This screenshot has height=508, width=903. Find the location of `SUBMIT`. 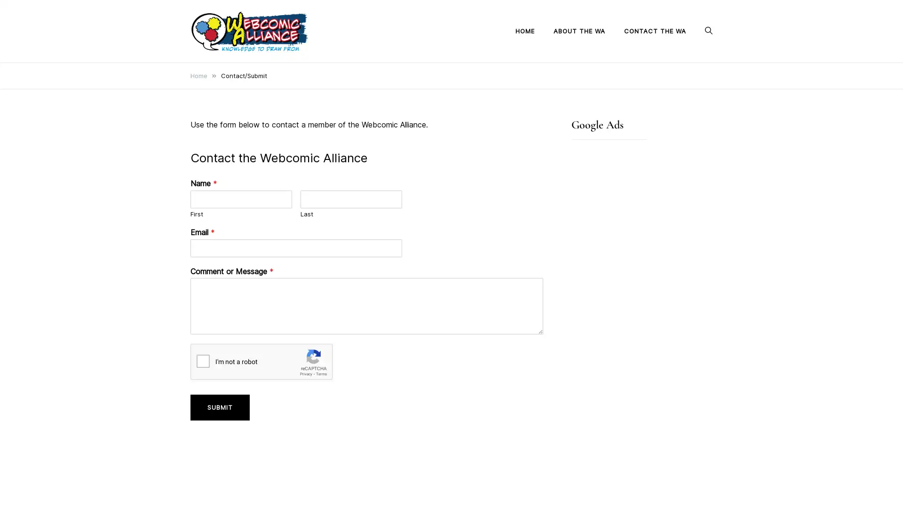

SUBMIT is located at coordinates (219, 407).